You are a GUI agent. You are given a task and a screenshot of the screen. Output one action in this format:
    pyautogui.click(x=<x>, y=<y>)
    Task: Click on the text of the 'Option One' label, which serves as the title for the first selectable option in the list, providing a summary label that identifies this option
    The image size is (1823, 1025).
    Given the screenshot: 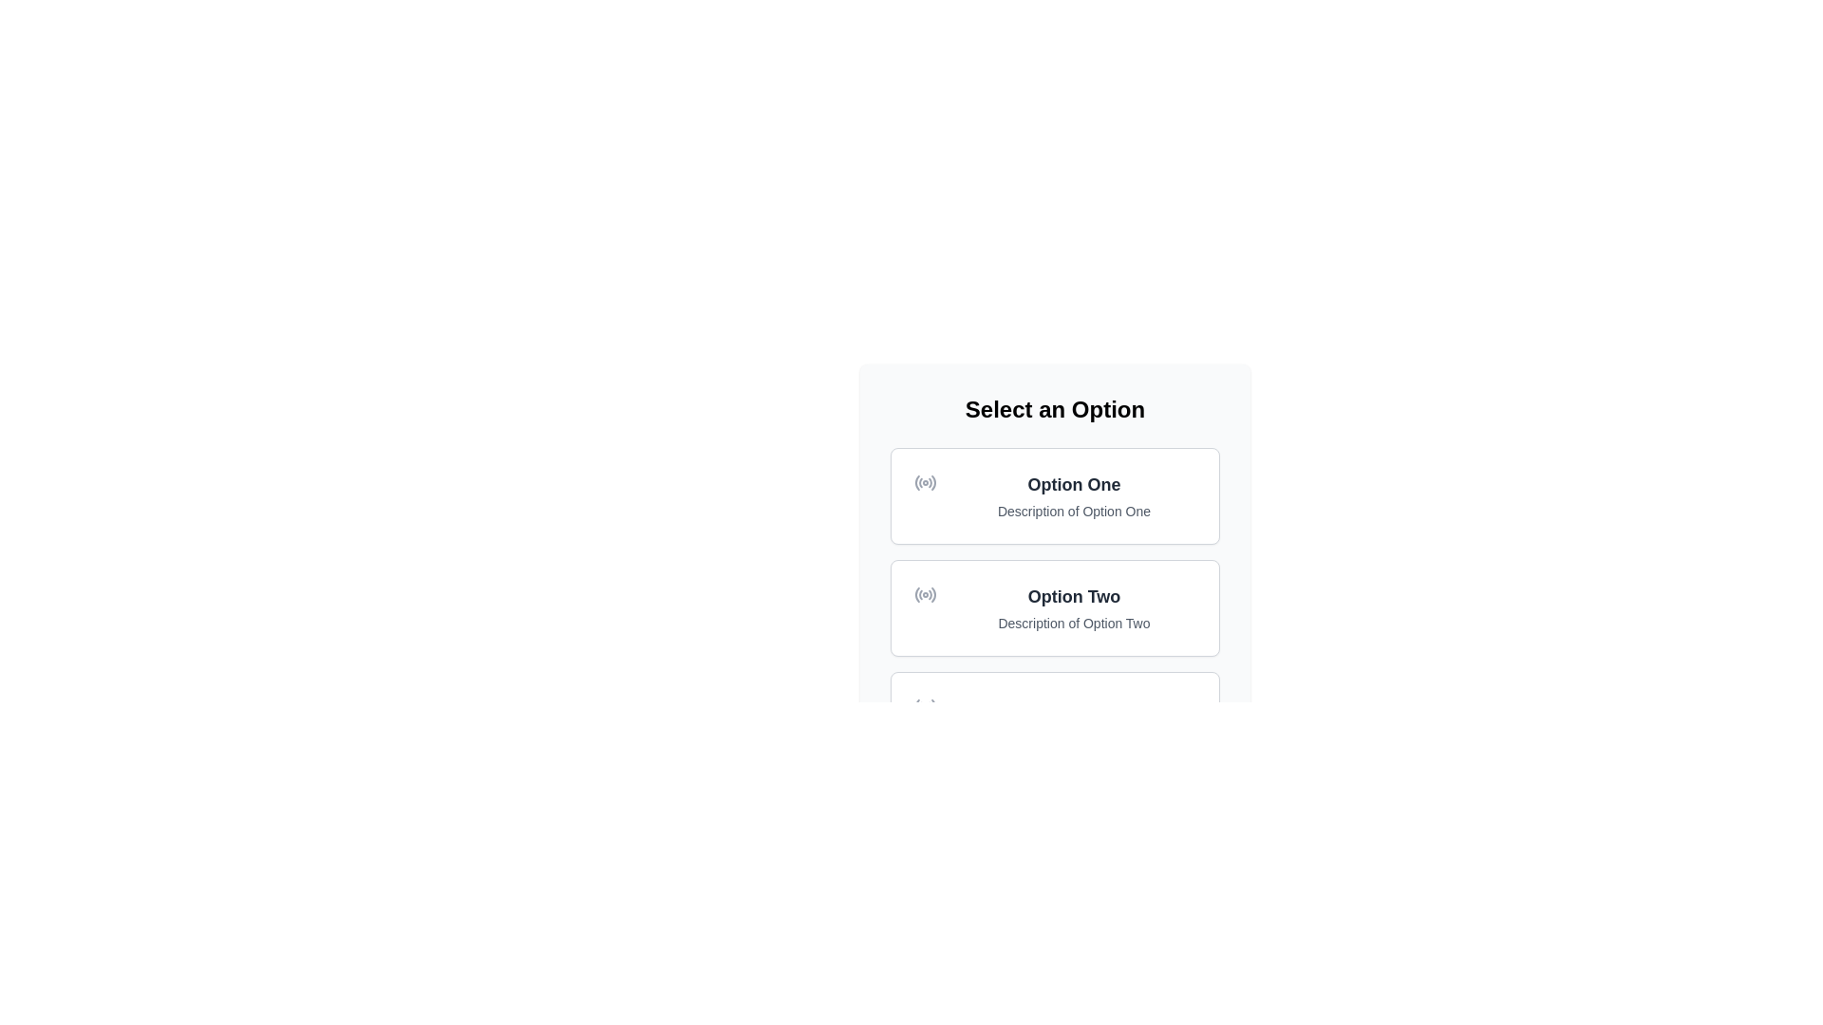 What is the action you would take?
    pyautogui.click(x=1074, y=483)
    